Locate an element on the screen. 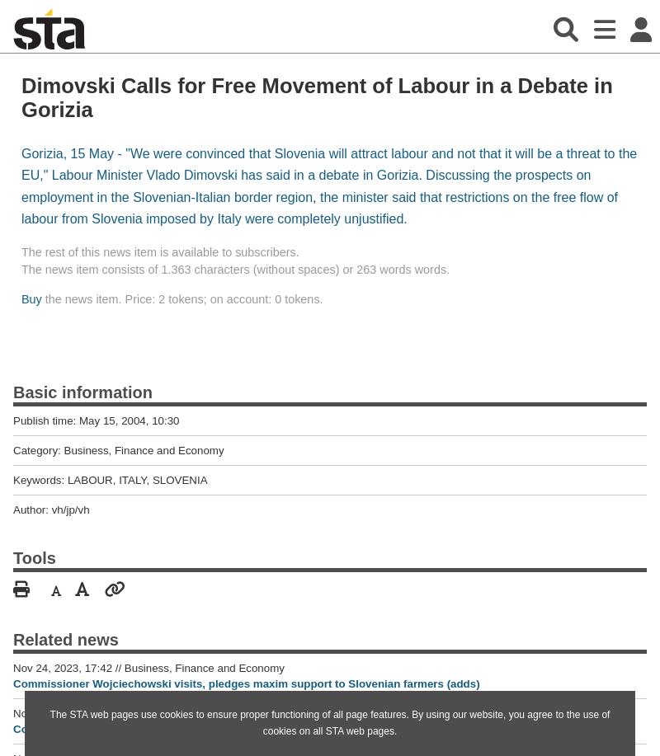 The width and height of the screenshot is (660, 756). 'Keywords:' is located at coordinates (39, 479).